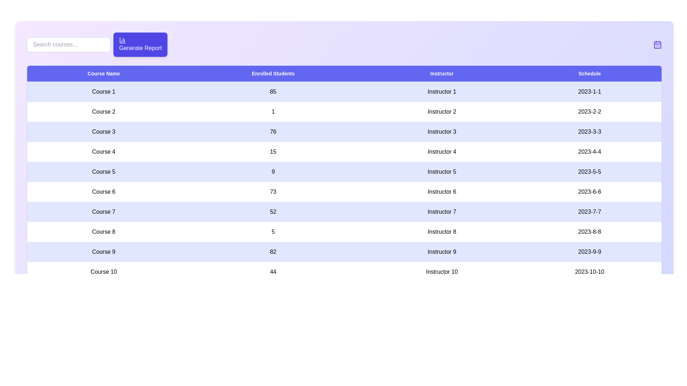 This screenshot has width=687, height=386. I want to click on the header Instructor to sort or filter the table, so click(442, 74).